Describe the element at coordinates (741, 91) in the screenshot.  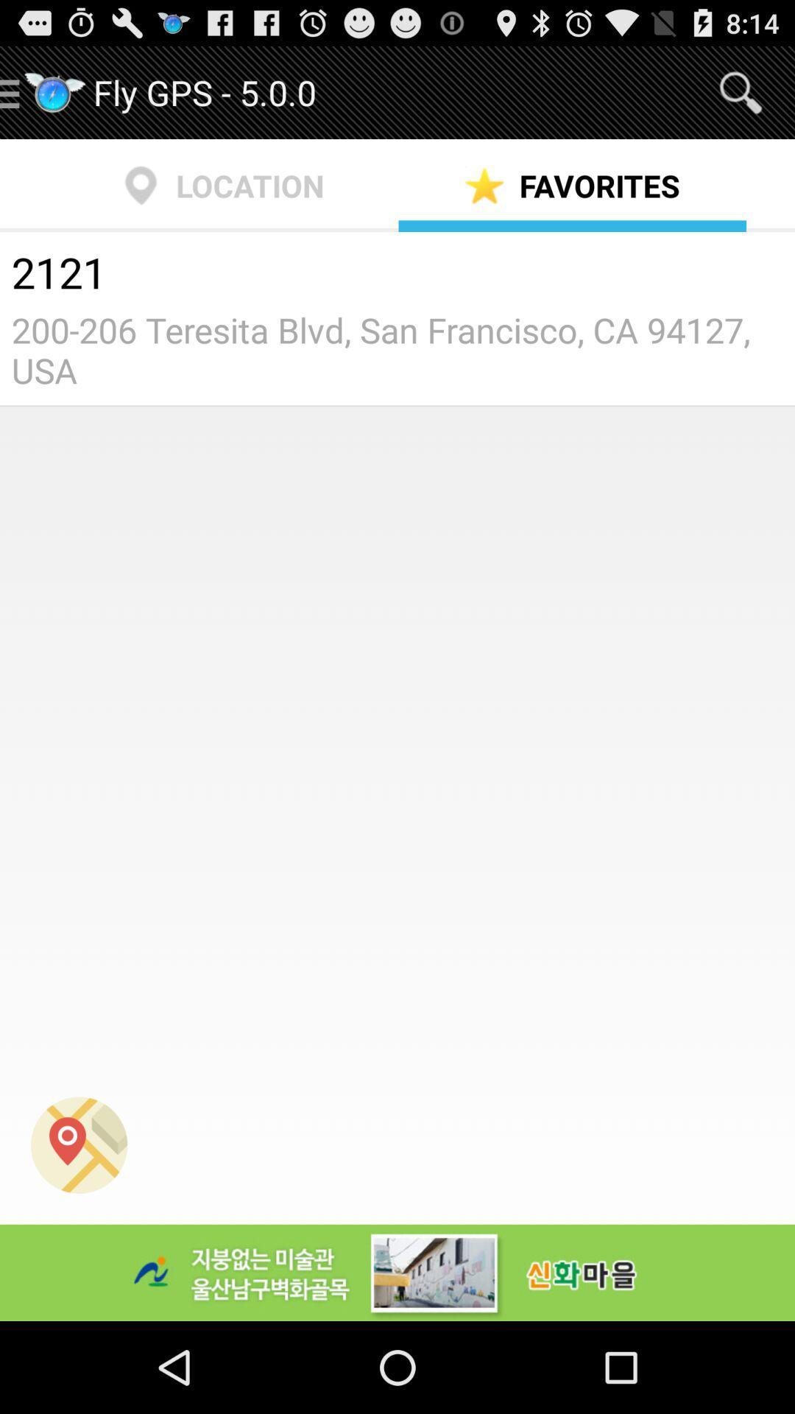
I see `item to the right of the fly gps 5 item` at that location.